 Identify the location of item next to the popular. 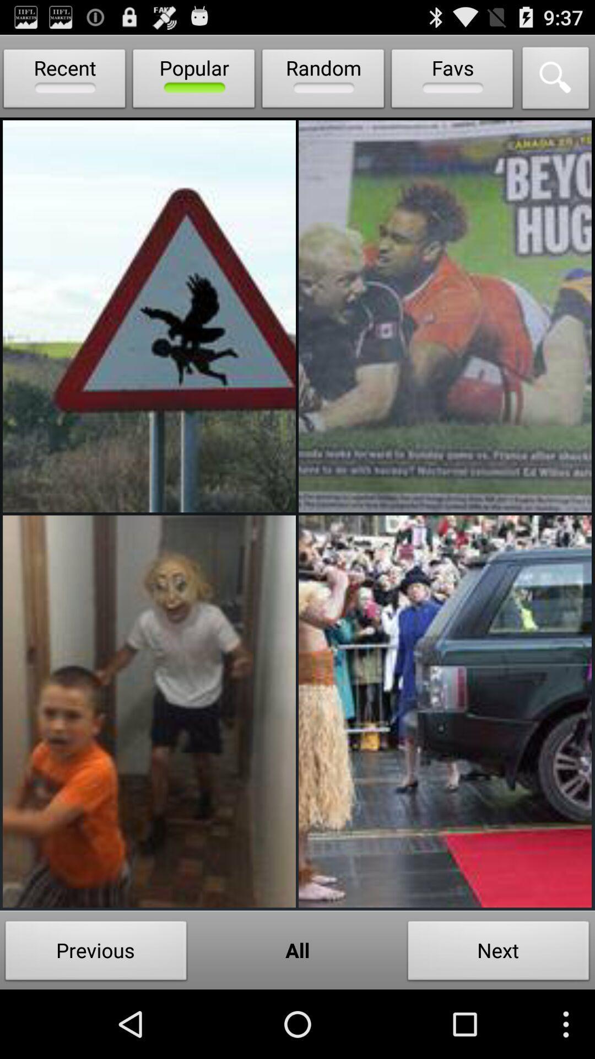
(322, 81).